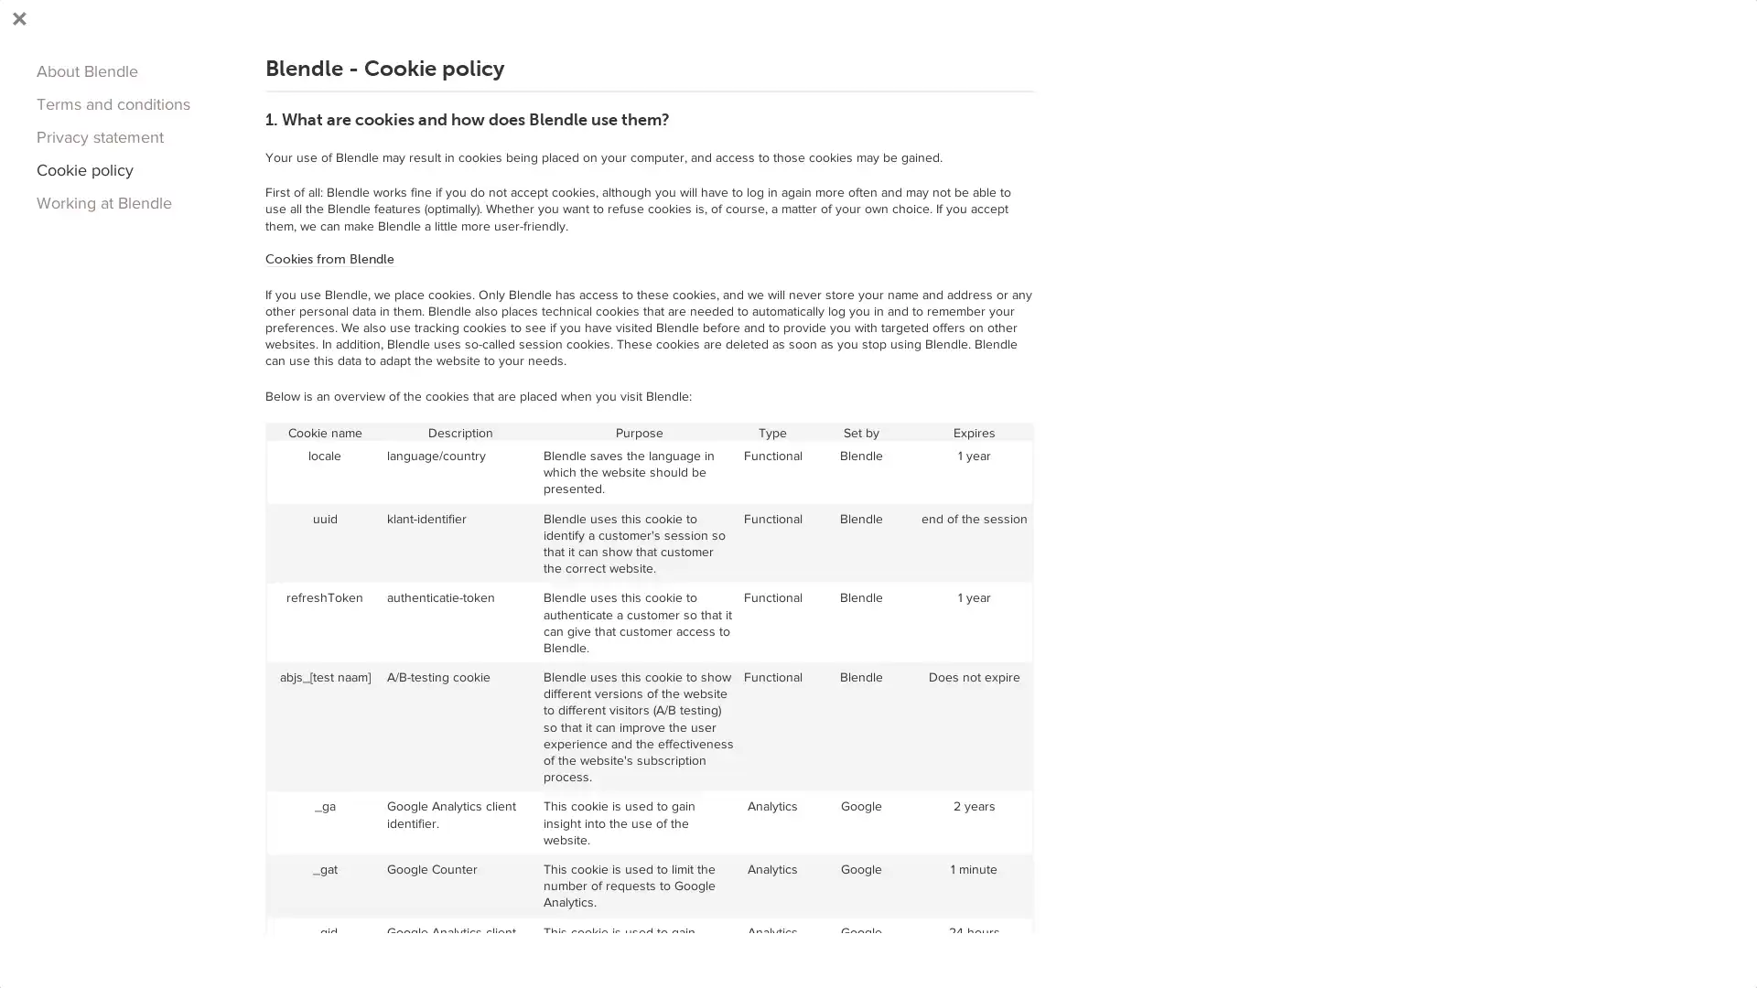 The width and height of the screenshot is (1757, 988). Describe the element at coordinates (1178, 941) in the screenshot. I see `No problem!` at that location.